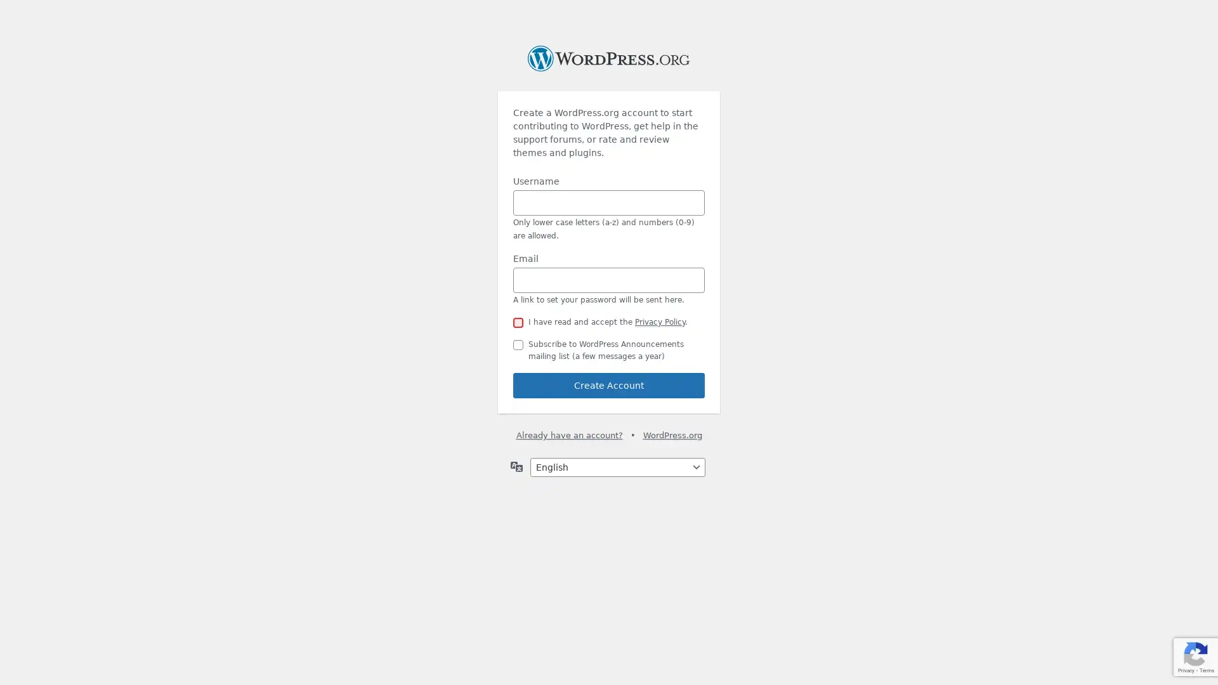  Describe the element at coordinates (609, 385) in the screenshot. I see `Create Account` at that location.